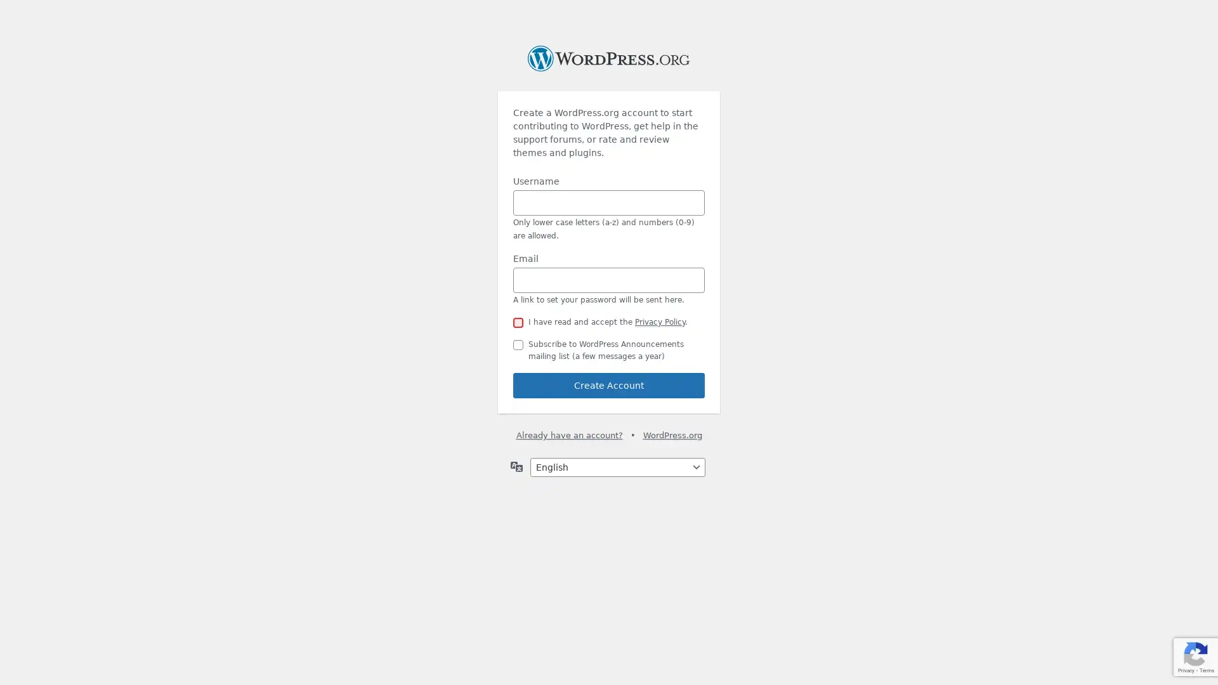  Describe the element at coordinates (609, 385) in the screenshot. I see `Create Account` at that location.